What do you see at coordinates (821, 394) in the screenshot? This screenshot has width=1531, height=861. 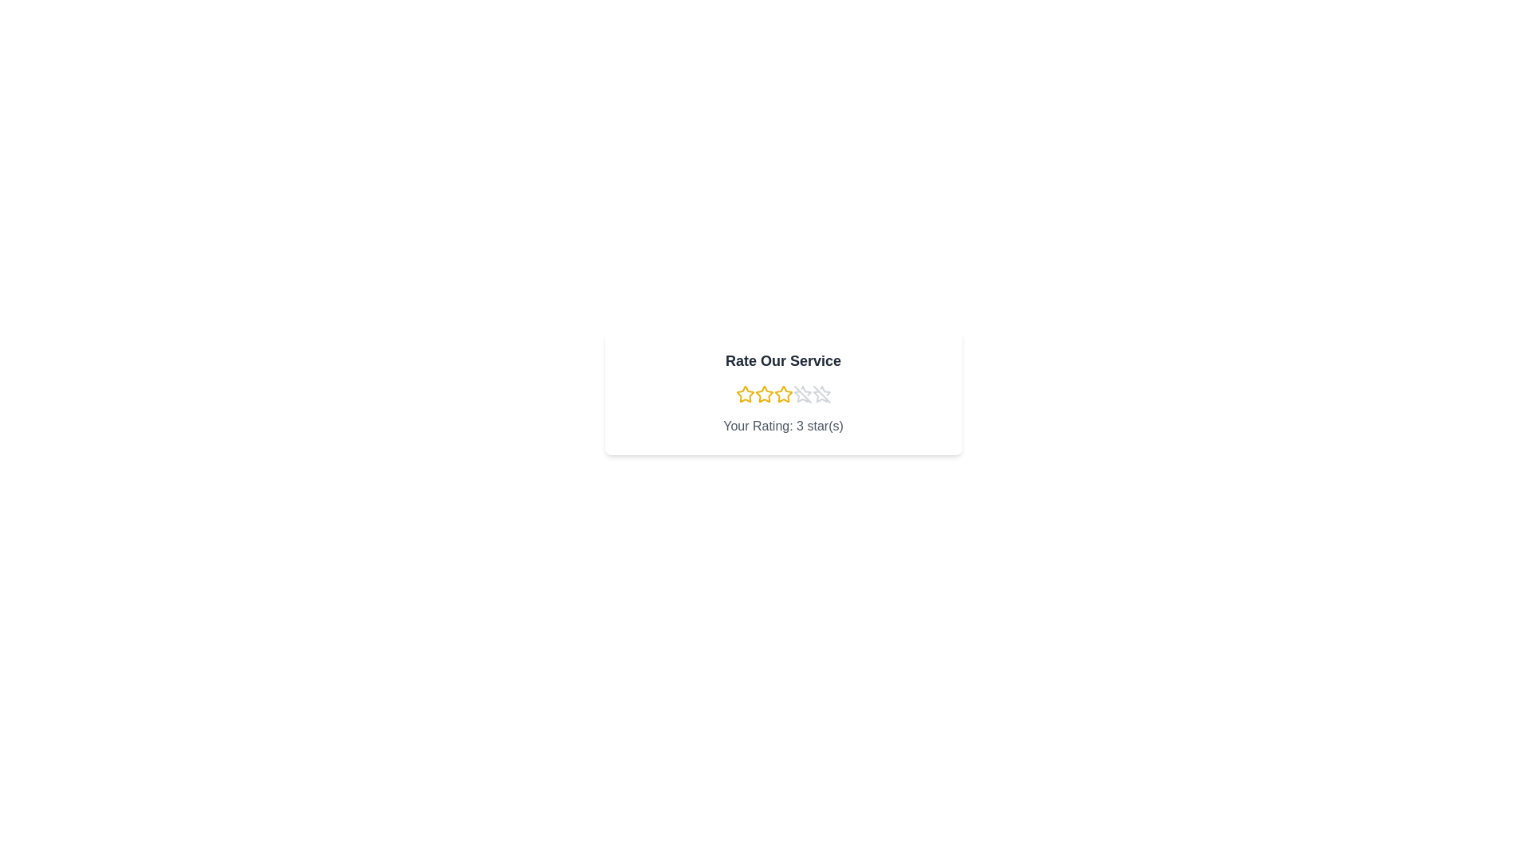 I see `the rating to 5 stars by clicking on the corresponding star` at bounding box center [821, 394].